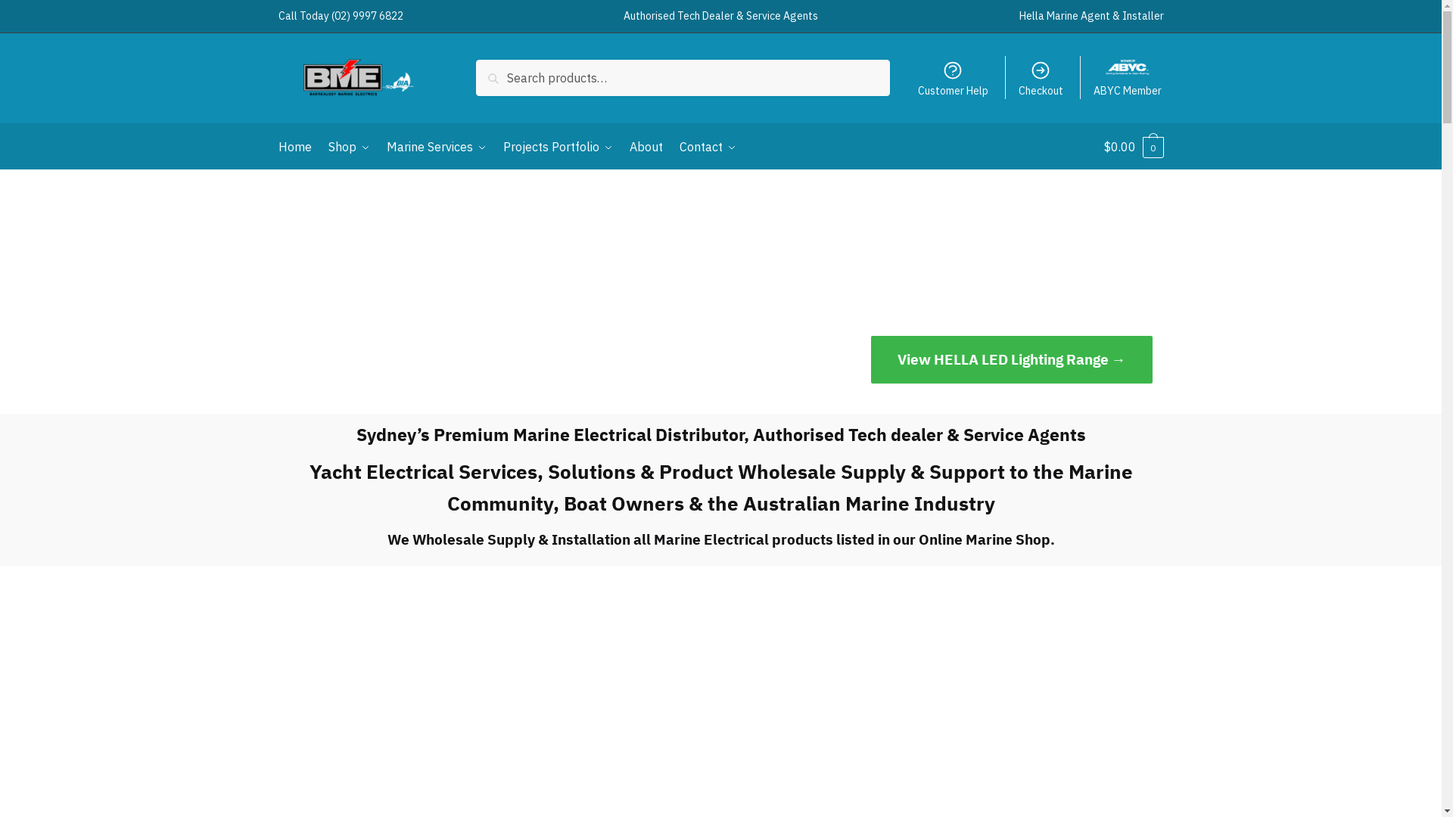 The width and height of the screenshot is (1453, 817). What do you see at coordinates (348, 146) in the screenshot?
I see `'Shop'` at bounding box center [348, 146].